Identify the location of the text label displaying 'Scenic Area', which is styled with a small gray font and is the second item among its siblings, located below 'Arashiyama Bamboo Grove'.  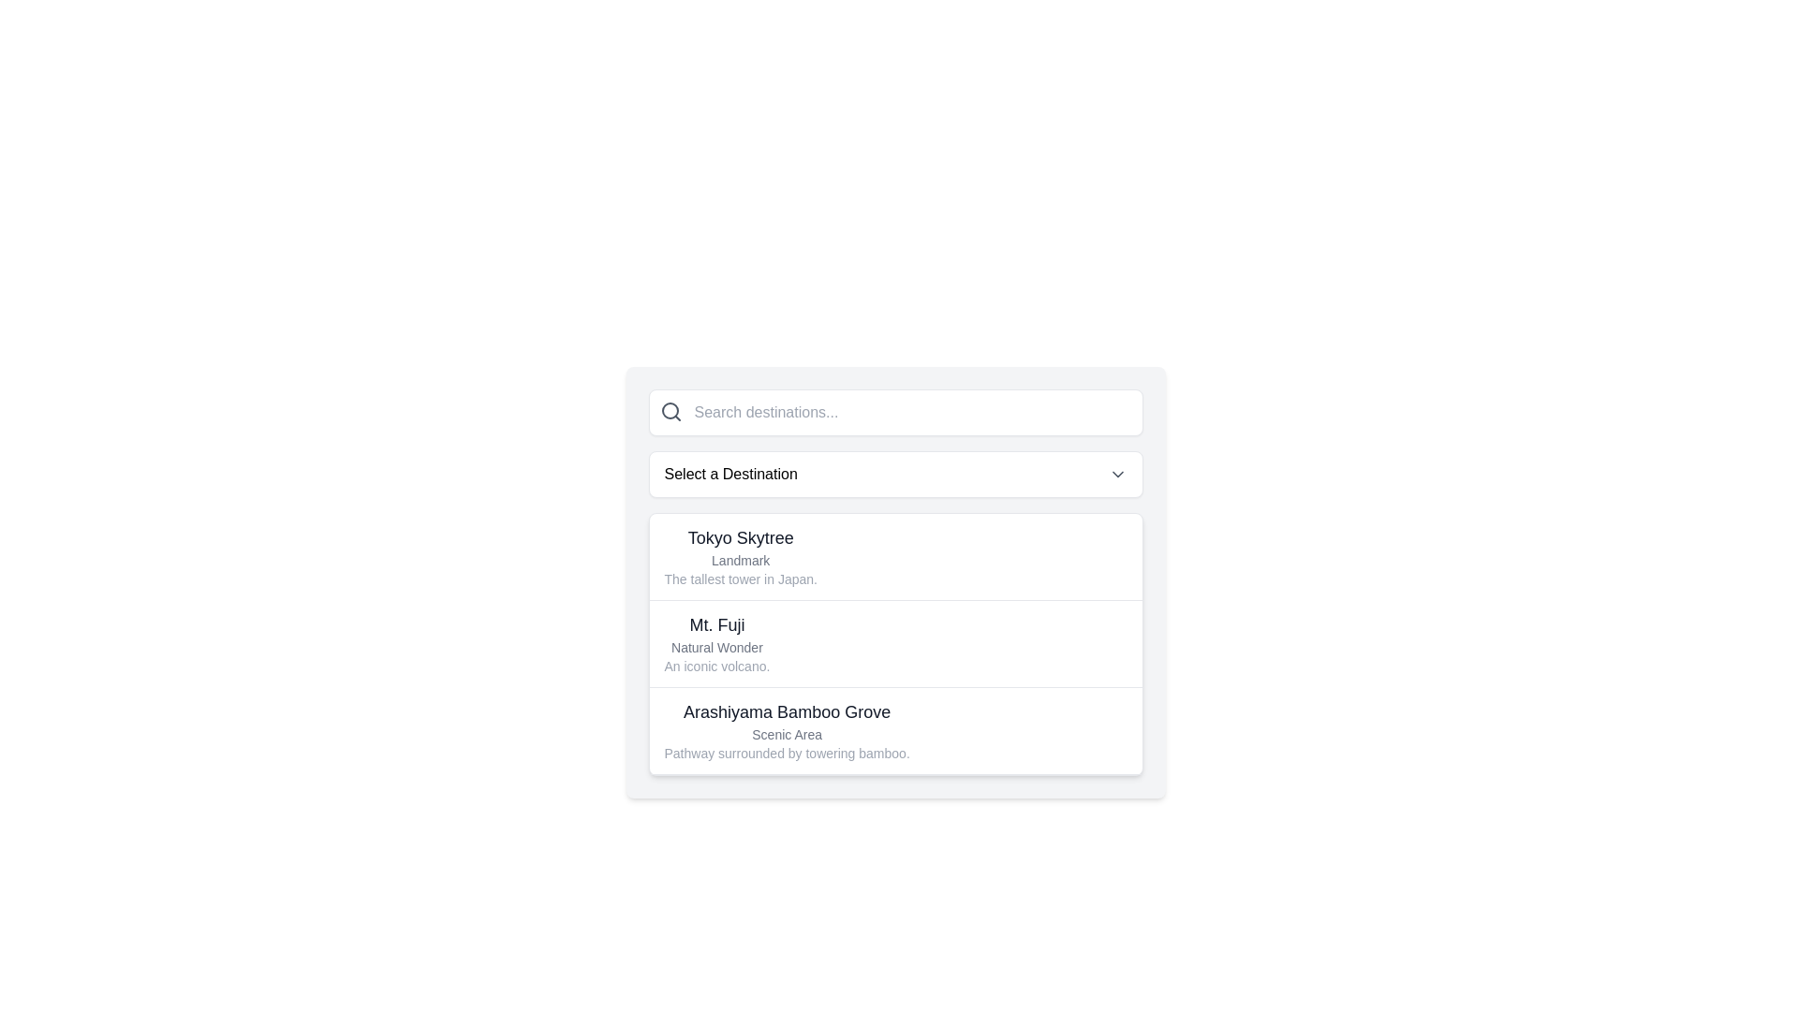
(787, 734).